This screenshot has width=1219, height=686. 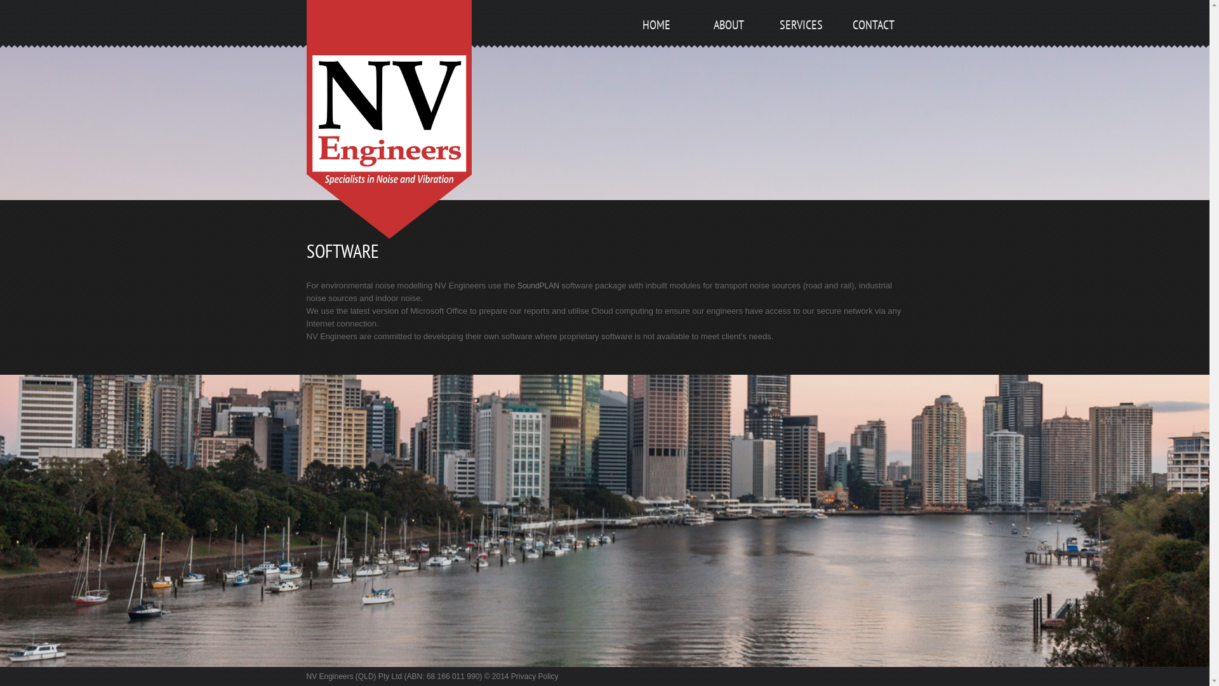 What do you see at coordinates (697, 39) in the screenshot?
I see `'ABOUT'` at bounding box center [697, 39].